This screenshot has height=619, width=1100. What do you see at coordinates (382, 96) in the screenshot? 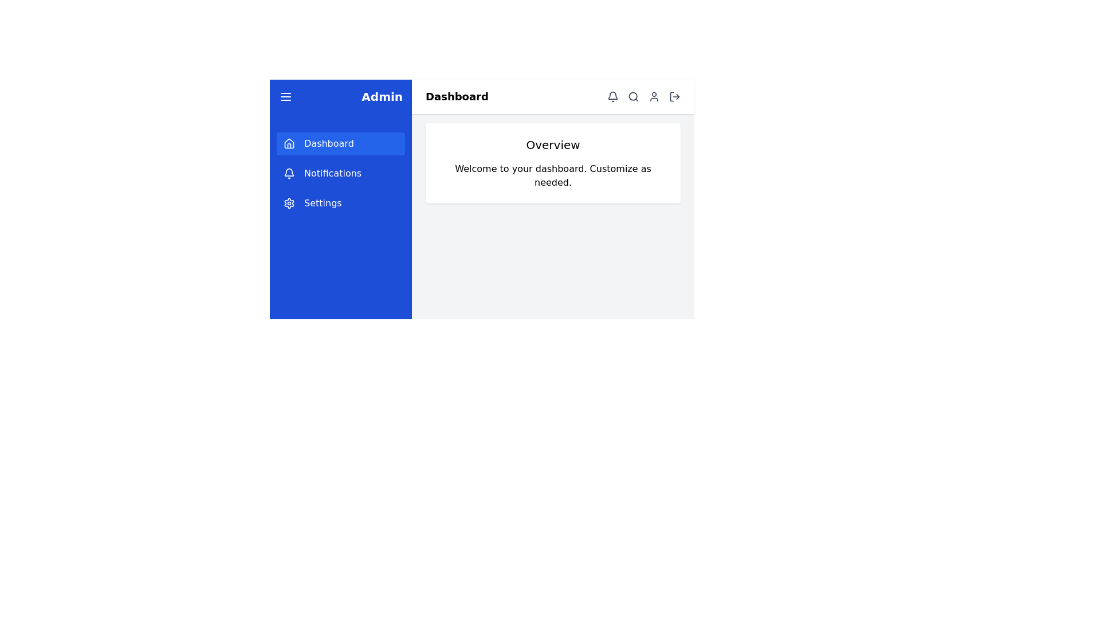
I see `the text label indicating the administrative mode, located in the top-left blue banner area of the interface` at bounding box center [382, 96].